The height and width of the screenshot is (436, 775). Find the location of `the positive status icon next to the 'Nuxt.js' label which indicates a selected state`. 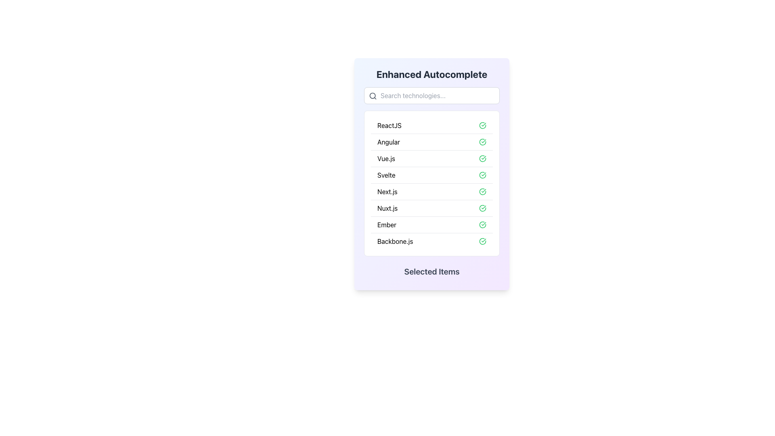

the positive status icon next to the 'Nuxt.js' label which indicates a selected state is located at coordinates (482, 208).